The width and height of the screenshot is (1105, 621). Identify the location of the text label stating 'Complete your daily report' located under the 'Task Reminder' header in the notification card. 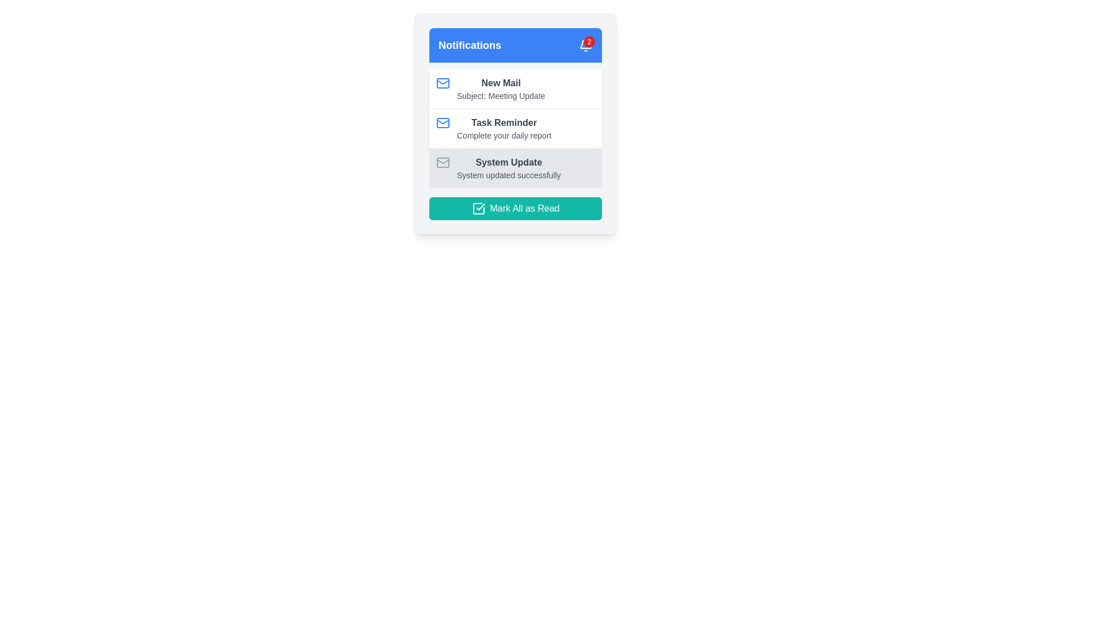
(504, 135).